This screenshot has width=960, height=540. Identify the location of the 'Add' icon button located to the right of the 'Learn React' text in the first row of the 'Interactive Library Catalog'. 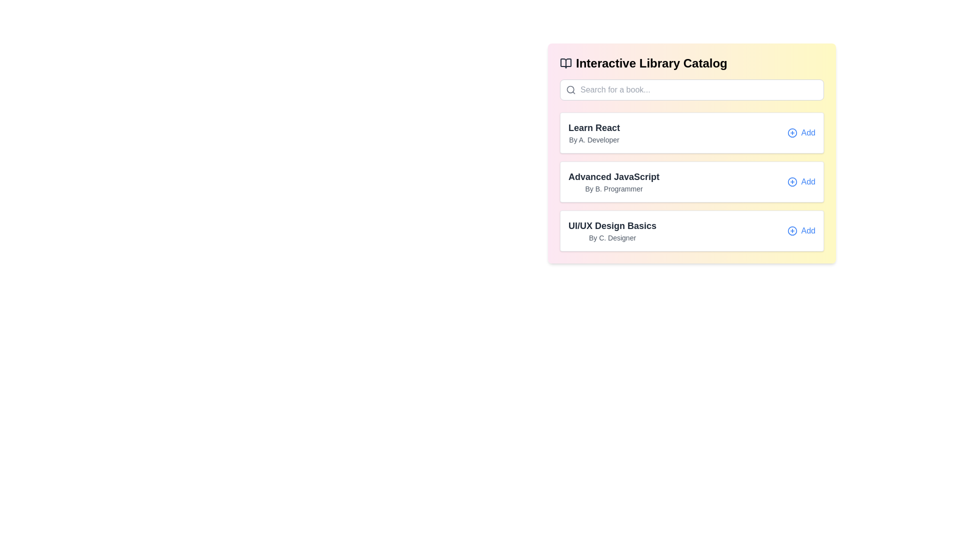
(791, 132).